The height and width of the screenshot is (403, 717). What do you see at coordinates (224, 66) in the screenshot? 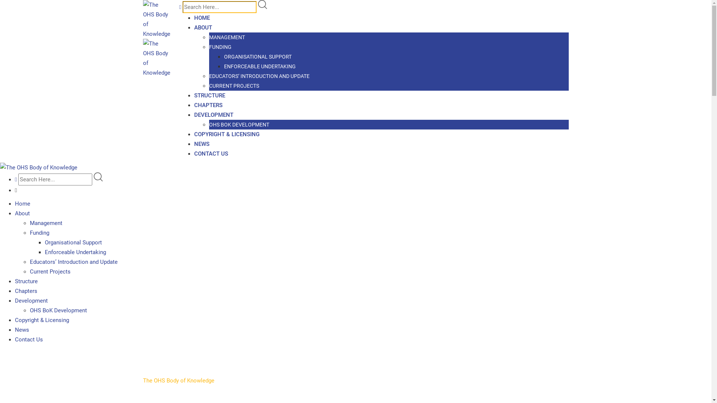
I see `'ENFORCEABLE UNDERTAKING'` at bounding box center [224, 66].